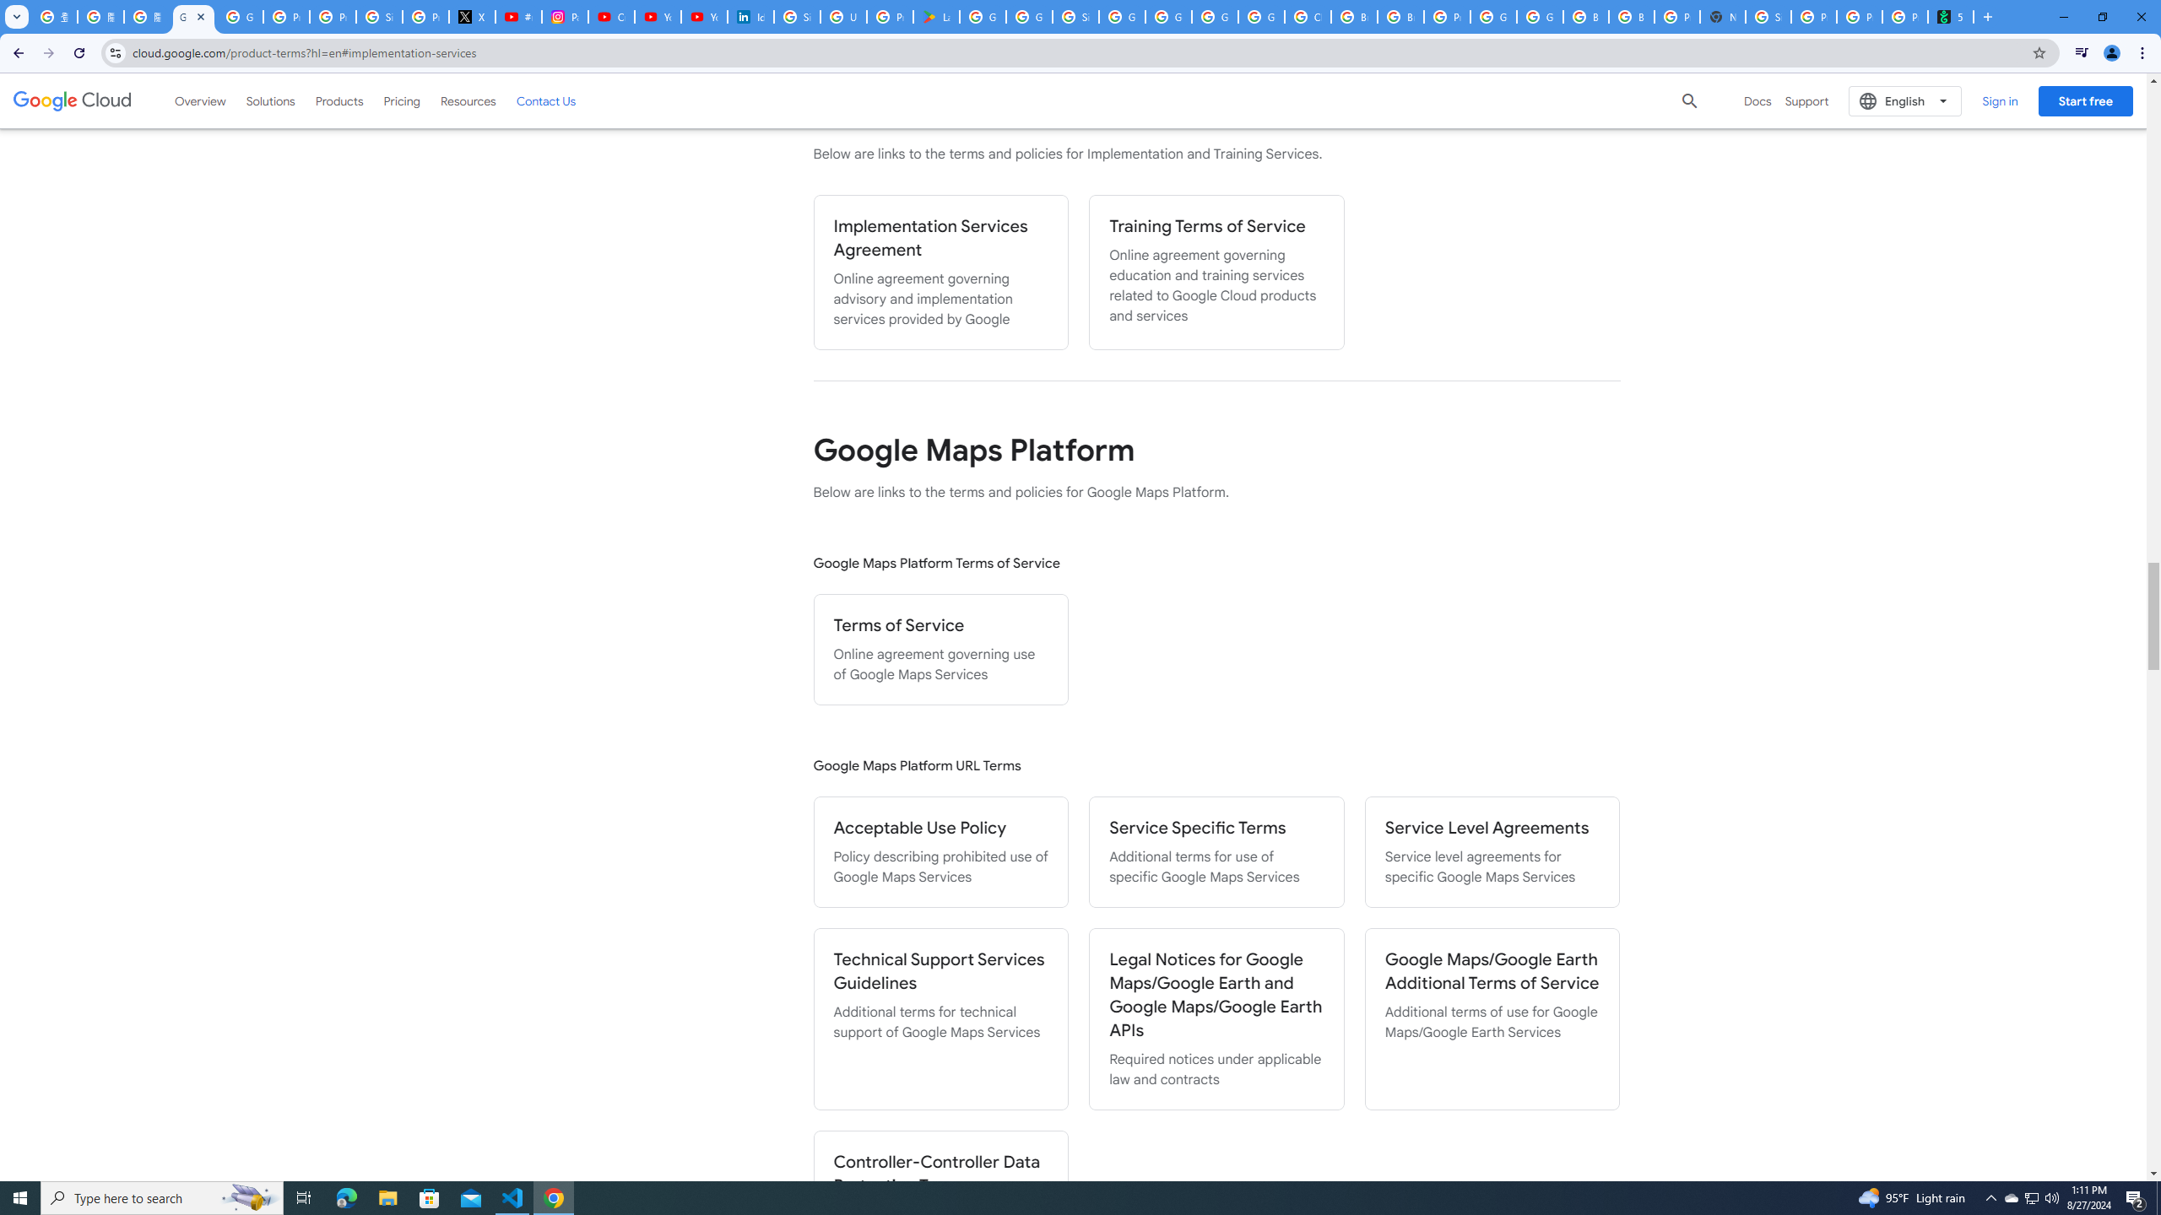 Image resolution: width=2161 pixels, height=1215 pixels. I want to click on 'Pricing', so click(402, 100).